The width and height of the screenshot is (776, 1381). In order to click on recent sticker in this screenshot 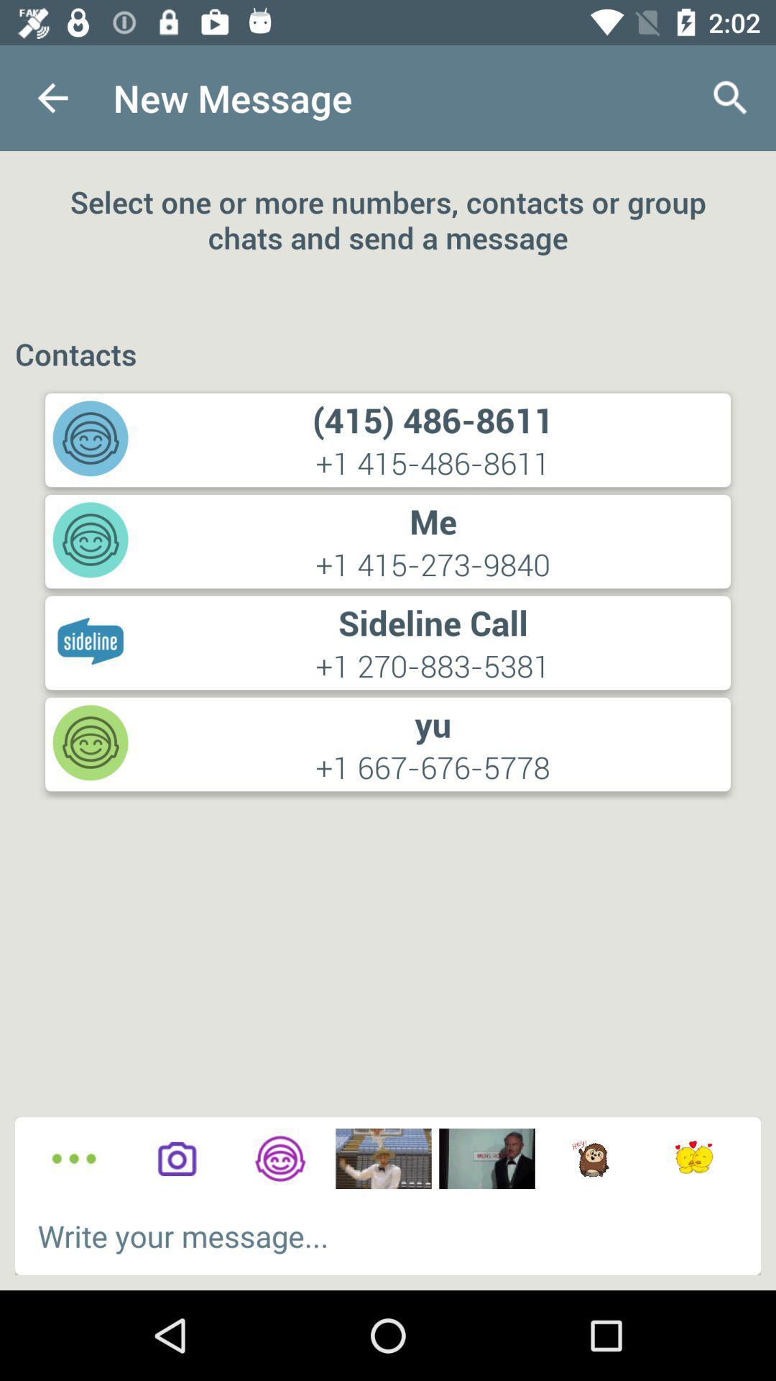, I will do `click(693, 1159)`.